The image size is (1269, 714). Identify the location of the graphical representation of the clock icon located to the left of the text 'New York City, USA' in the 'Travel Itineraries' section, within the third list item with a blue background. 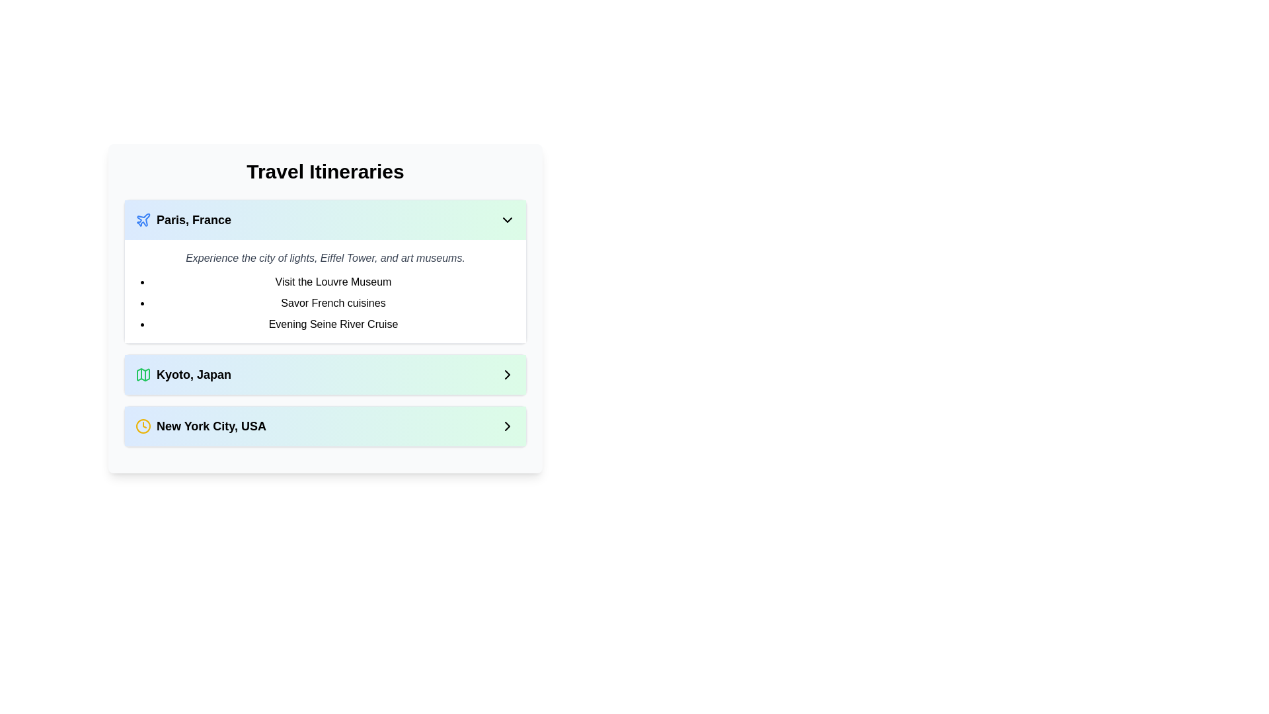
(143, 426).